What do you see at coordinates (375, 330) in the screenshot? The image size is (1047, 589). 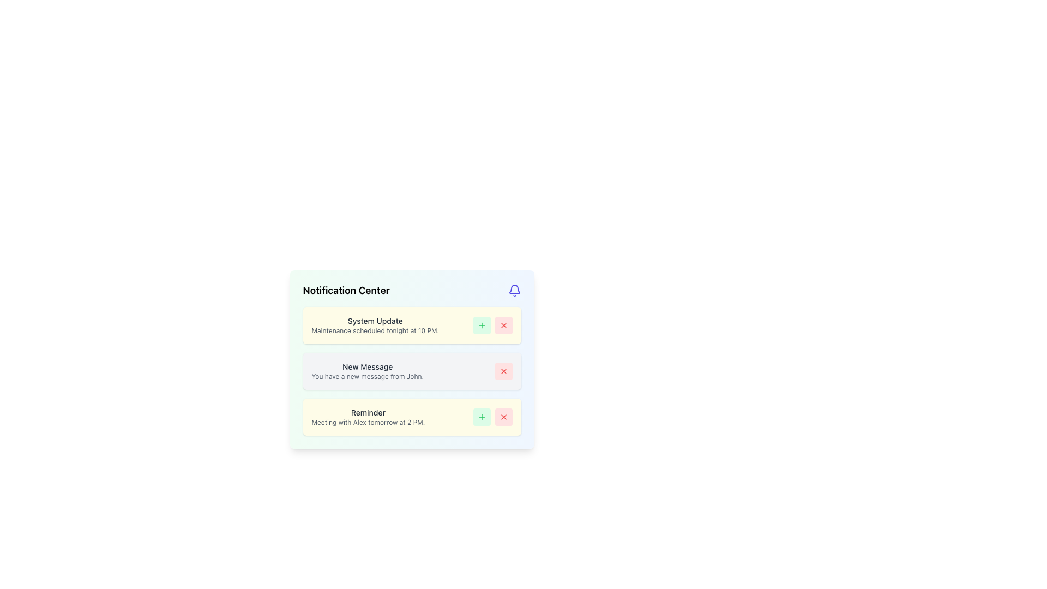 I see `to select the text label that contains 'Maintenance scheduled tonight at 10 PM.' positioned below the 'System Update' heading in the notification card` at bounding box center [375, 330].